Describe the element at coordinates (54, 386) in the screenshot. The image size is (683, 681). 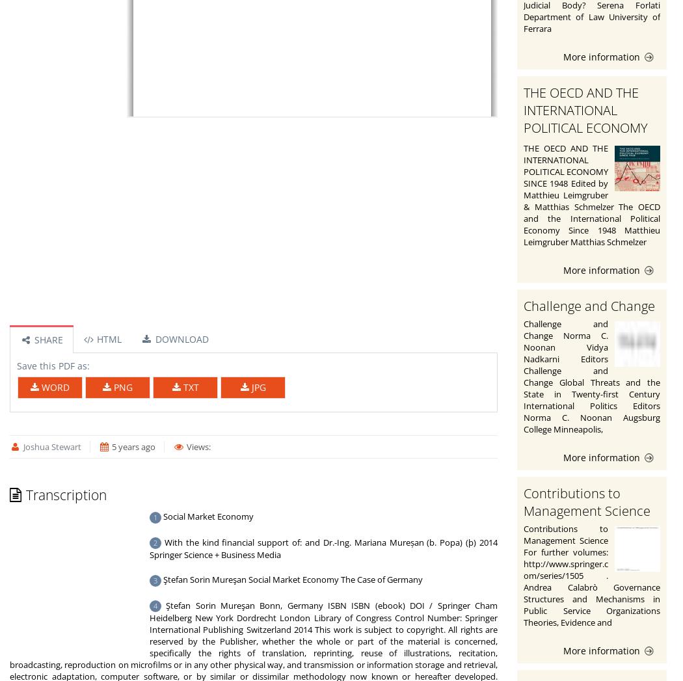
I see `'WORD'` at that location.